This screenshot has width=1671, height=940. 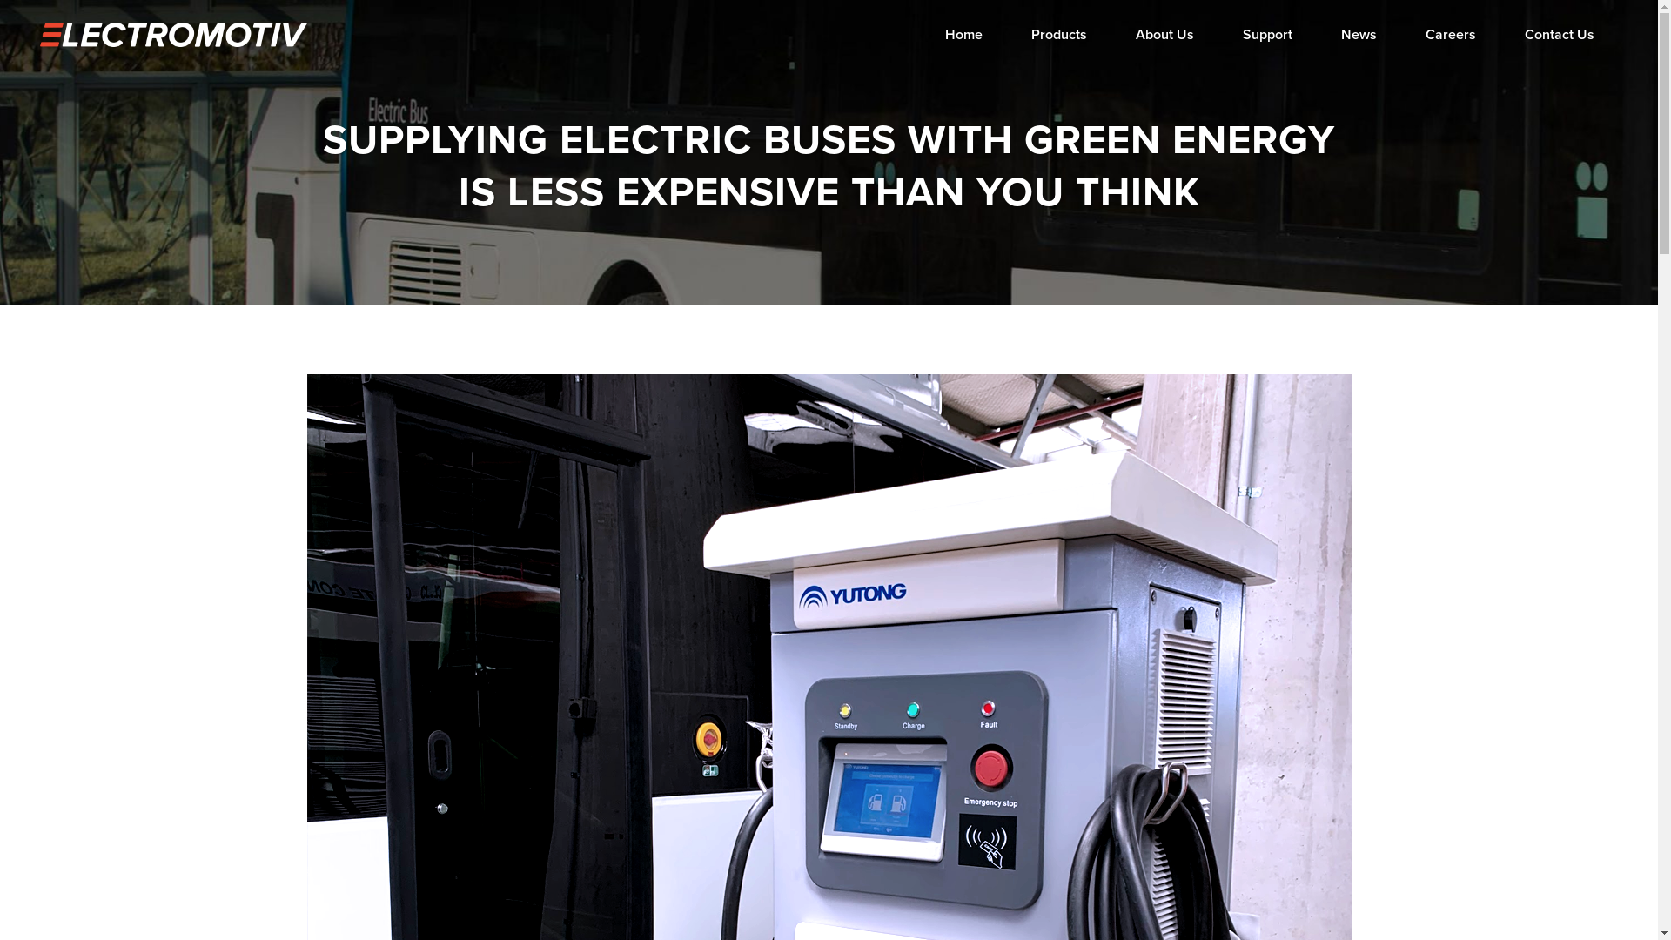 What do you see at coordinates (1559, 34) in the screenshot?
I see `'Contact Us'` at bounding box center [1559, 34].